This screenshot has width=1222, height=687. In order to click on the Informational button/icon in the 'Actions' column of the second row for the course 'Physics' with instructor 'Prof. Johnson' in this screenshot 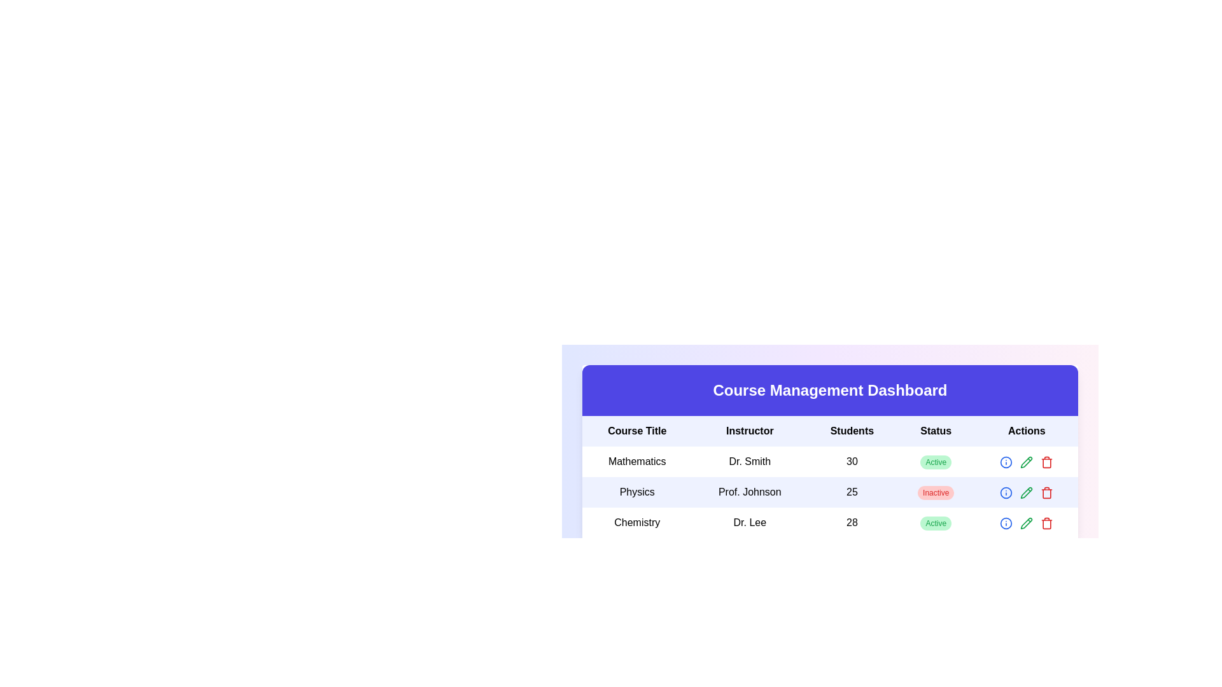, I will do `click(1006, 492)`.